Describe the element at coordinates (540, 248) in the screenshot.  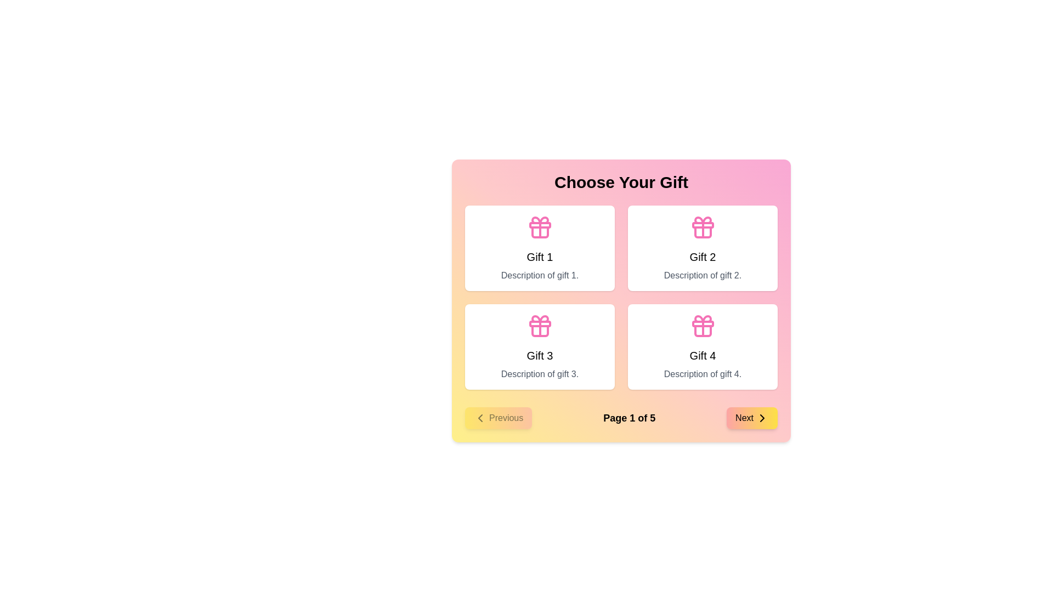
I see `the first gift card in the top-left corner of the grid layout to highlight or select it` at that location.